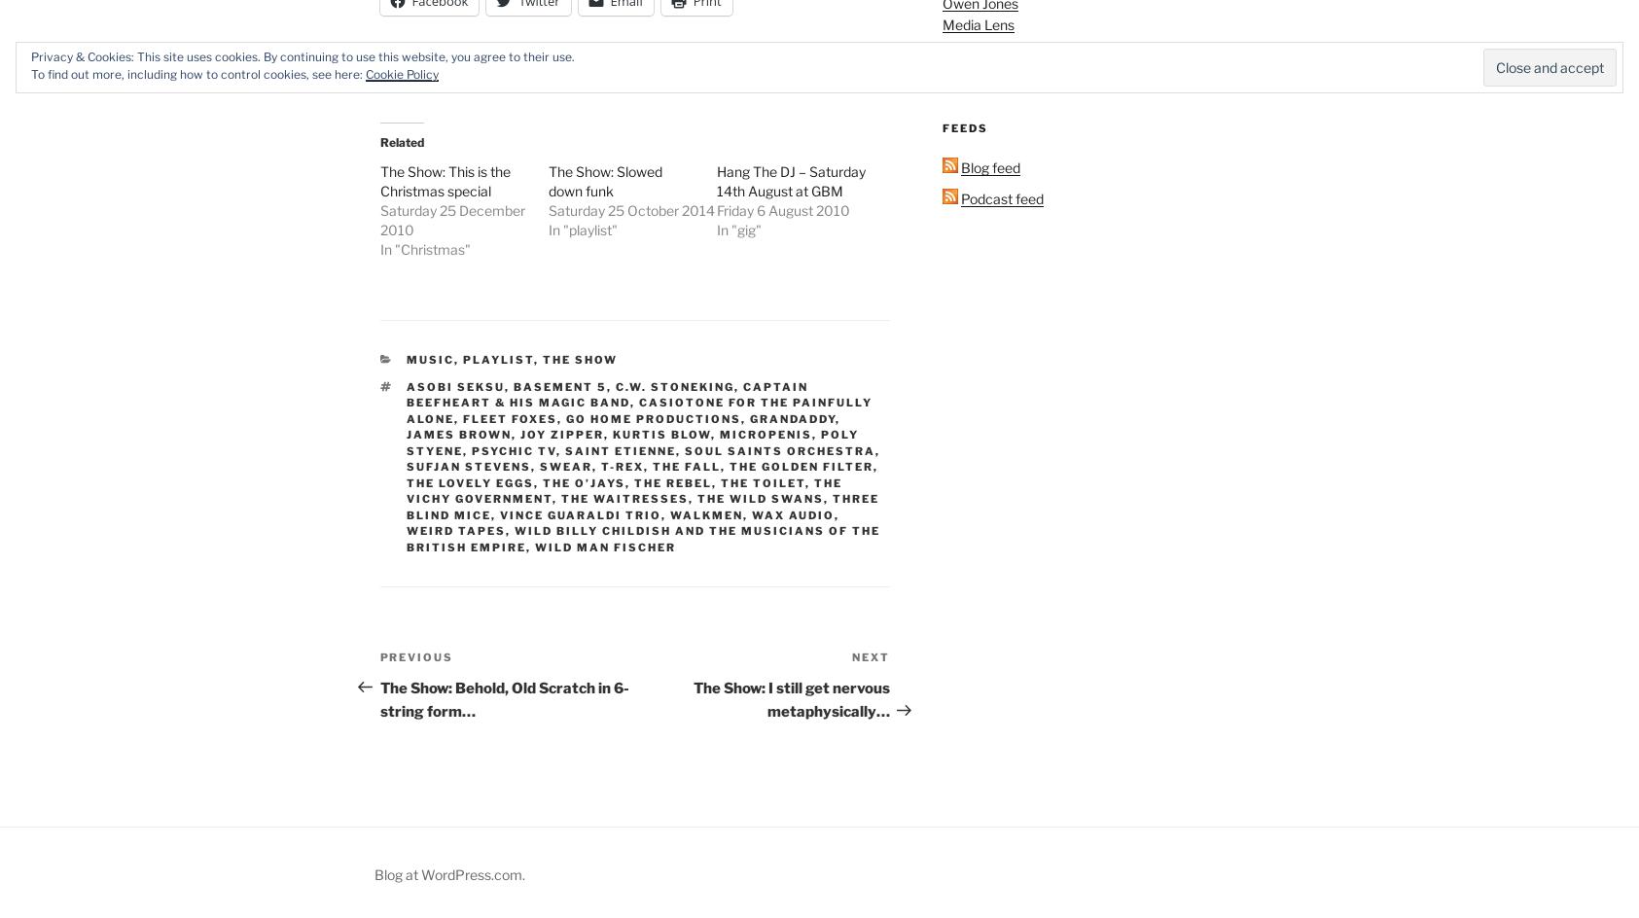 Image resolution: width=1639 pixels, height=918 pixels. What do you see at coordinates (457, 433) in the screenshot?
I see `'James Brown'` at bounding box center [457, 433].